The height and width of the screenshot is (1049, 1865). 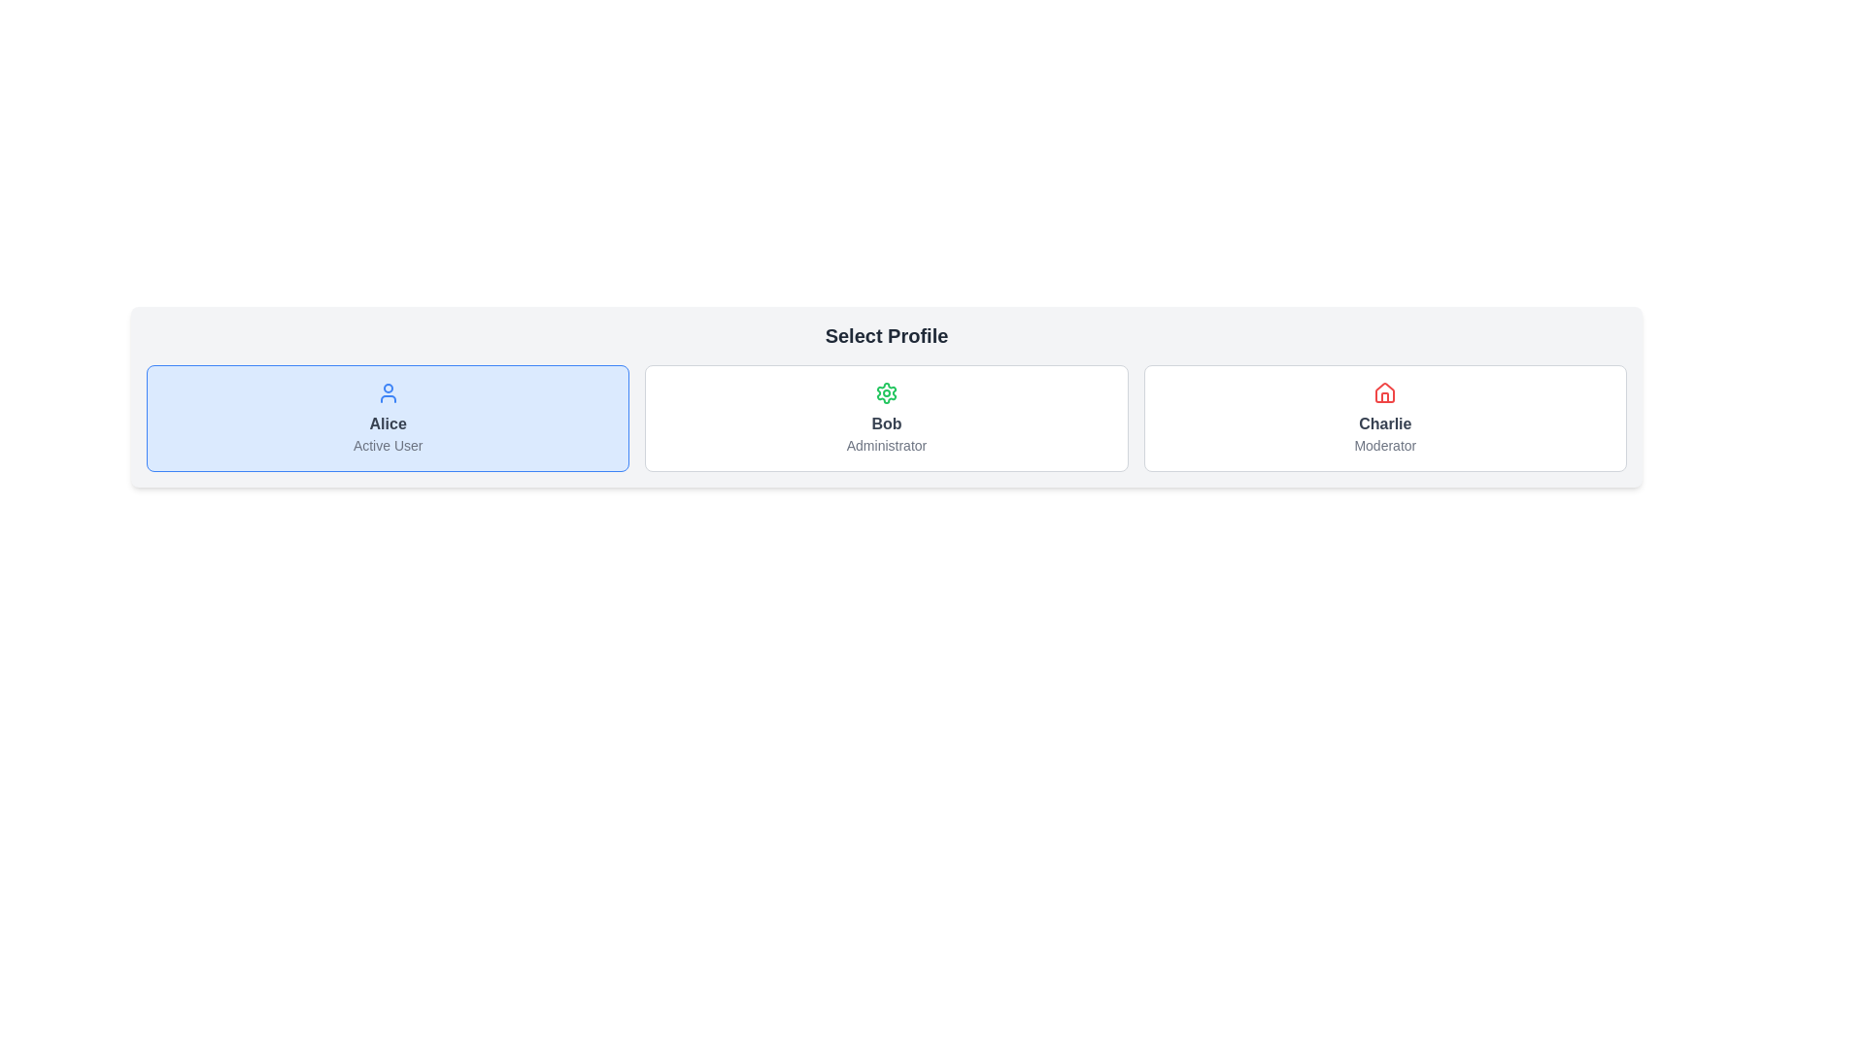 What do you see at coordinates (1384, 418) in the screenshot?
I see `the profile card of 'Charlie', which is the third card in a row with a house icon at the top` at bounding box center [1384, 418].